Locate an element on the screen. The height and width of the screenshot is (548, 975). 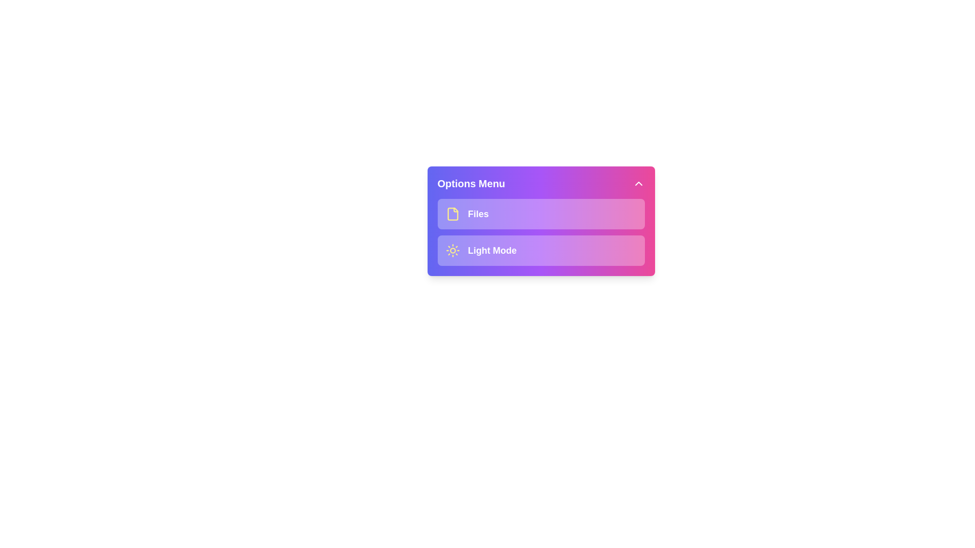
the menu item icon for Files is located at coordinates (452, 213).